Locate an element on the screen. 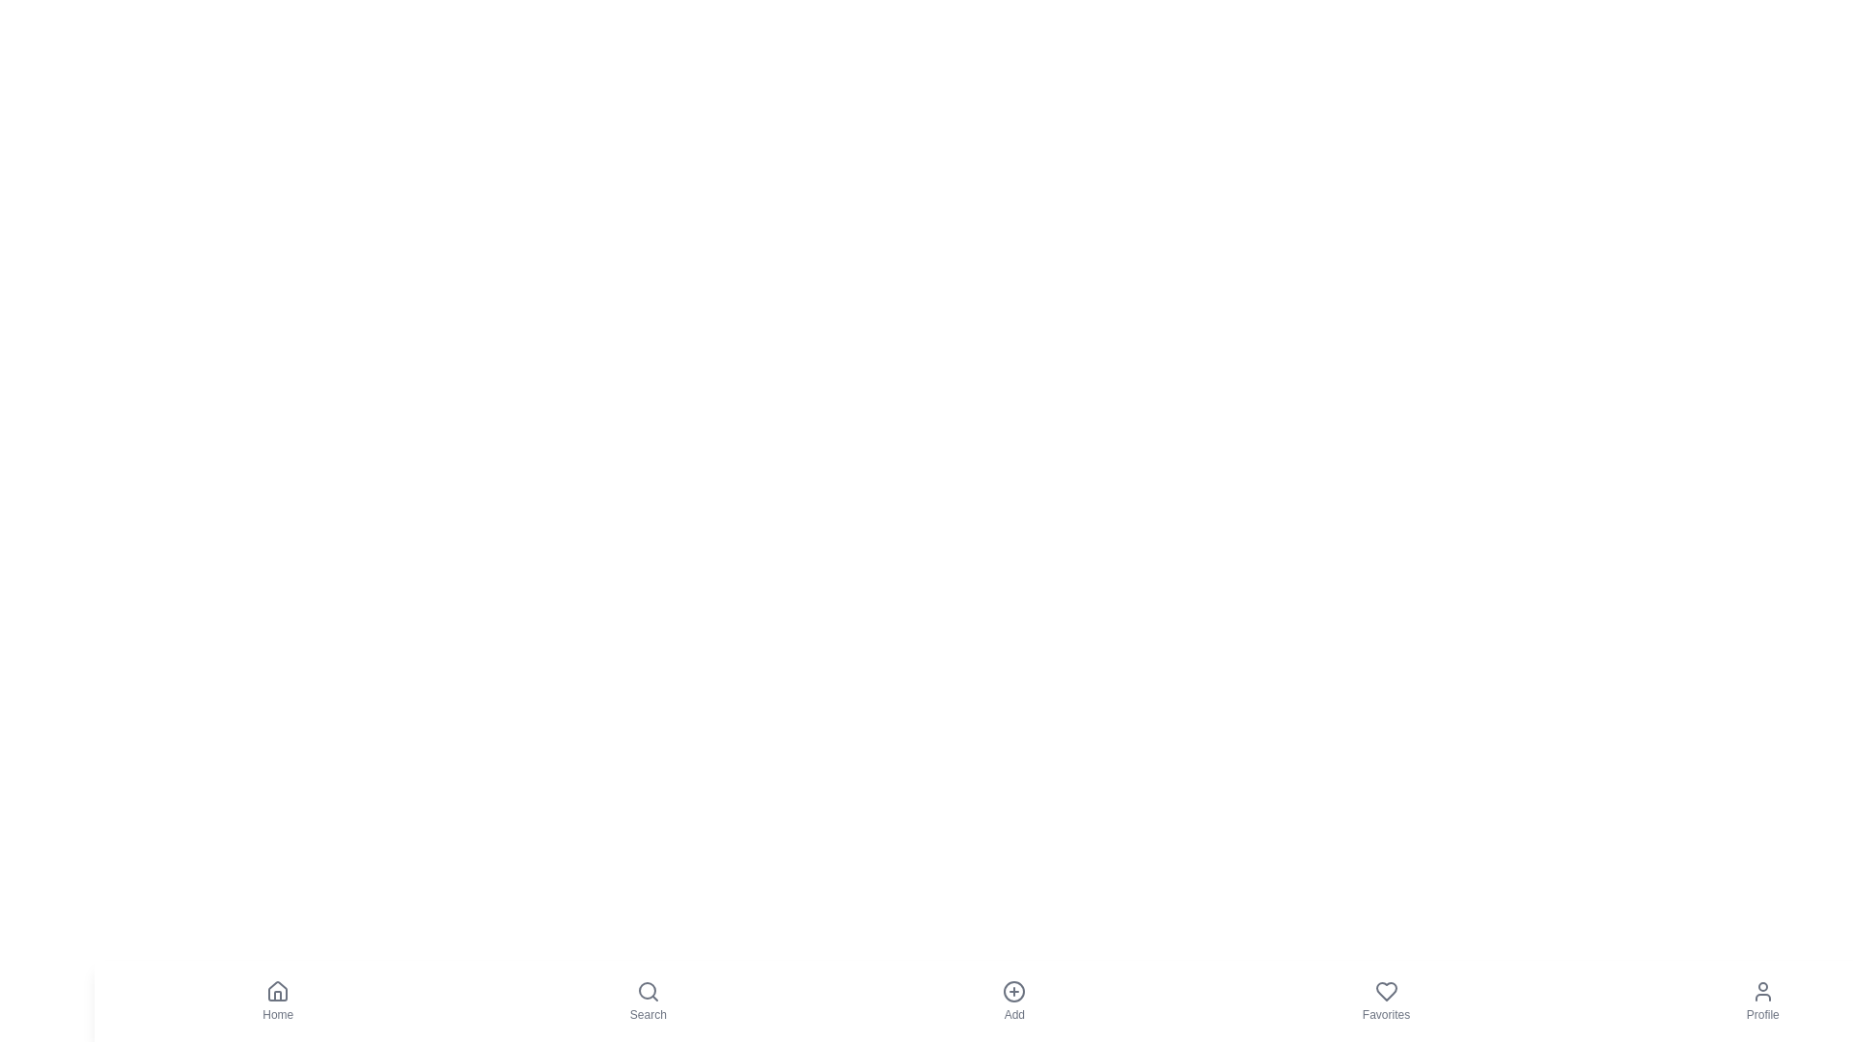 The height and width of the screenshot is (1042, 1853). the 'Favorites' icon in the bottom navigation bar is located at coordinates (1385, 992).